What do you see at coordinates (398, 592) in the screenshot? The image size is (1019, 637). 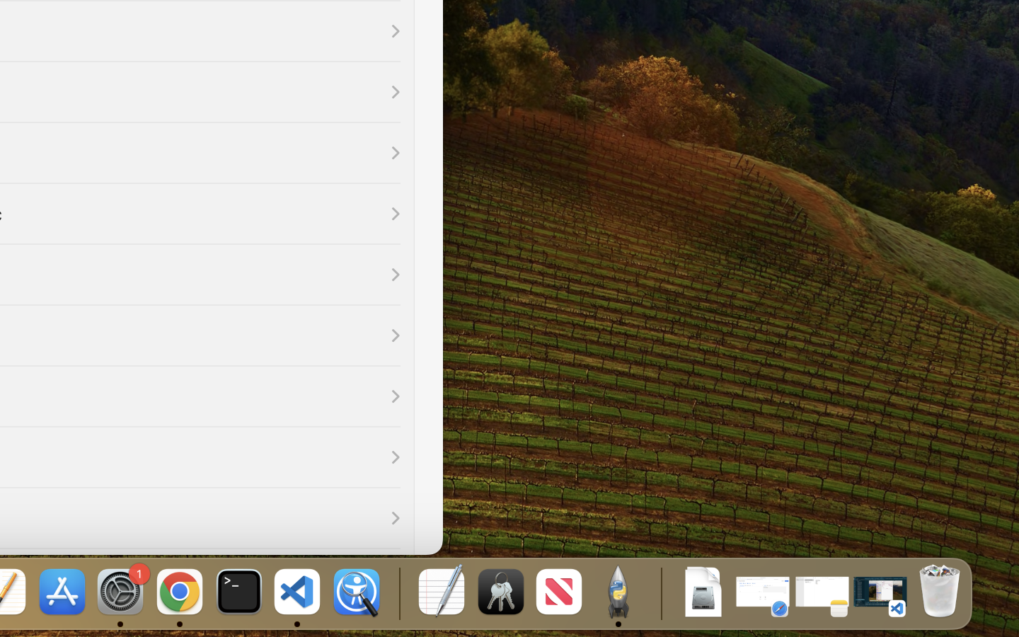 I see `'0.4285714328289032'` at bounding box center [398, 592].